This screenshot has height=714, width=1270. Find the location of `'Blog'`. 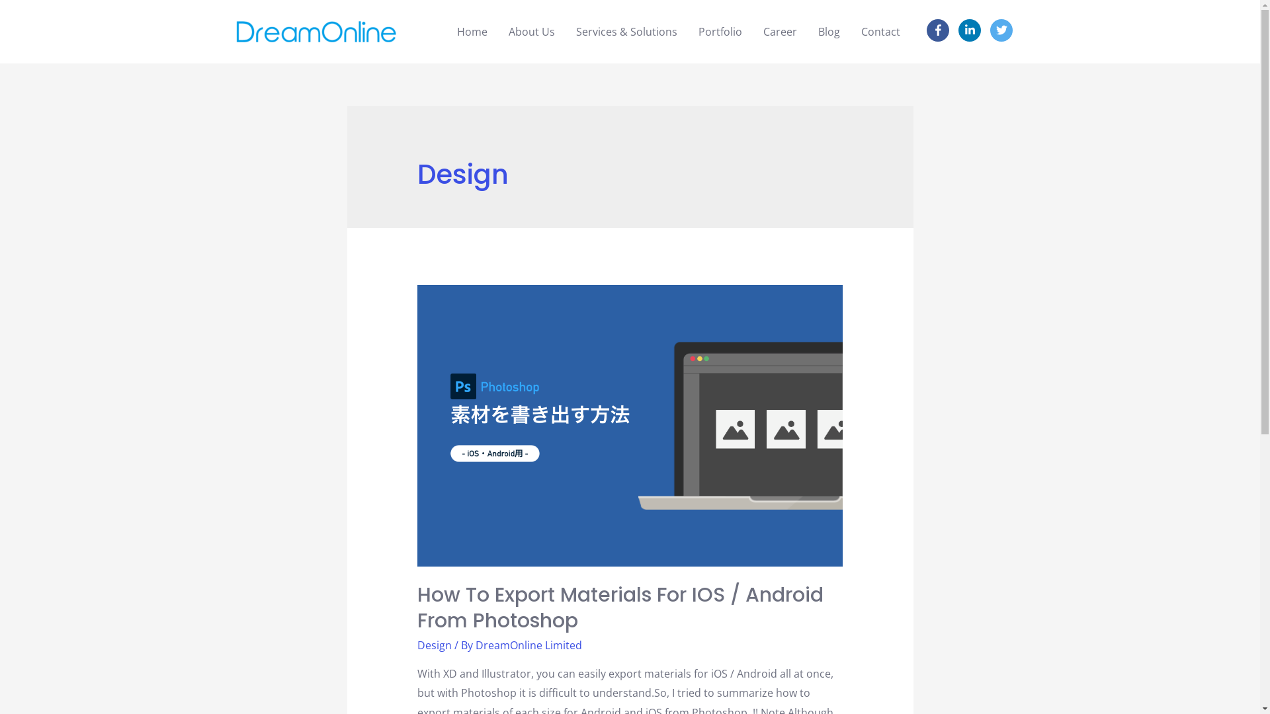

'Blog' is located at coordinates (828, 30).